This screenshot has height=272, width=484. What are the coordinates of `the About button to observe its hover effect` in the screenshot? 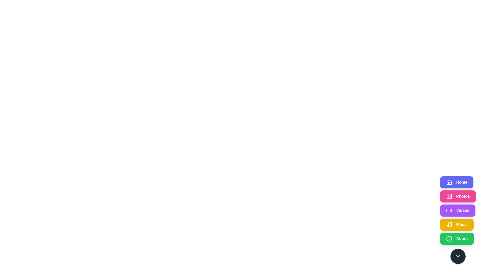 It's located at (457, 239).